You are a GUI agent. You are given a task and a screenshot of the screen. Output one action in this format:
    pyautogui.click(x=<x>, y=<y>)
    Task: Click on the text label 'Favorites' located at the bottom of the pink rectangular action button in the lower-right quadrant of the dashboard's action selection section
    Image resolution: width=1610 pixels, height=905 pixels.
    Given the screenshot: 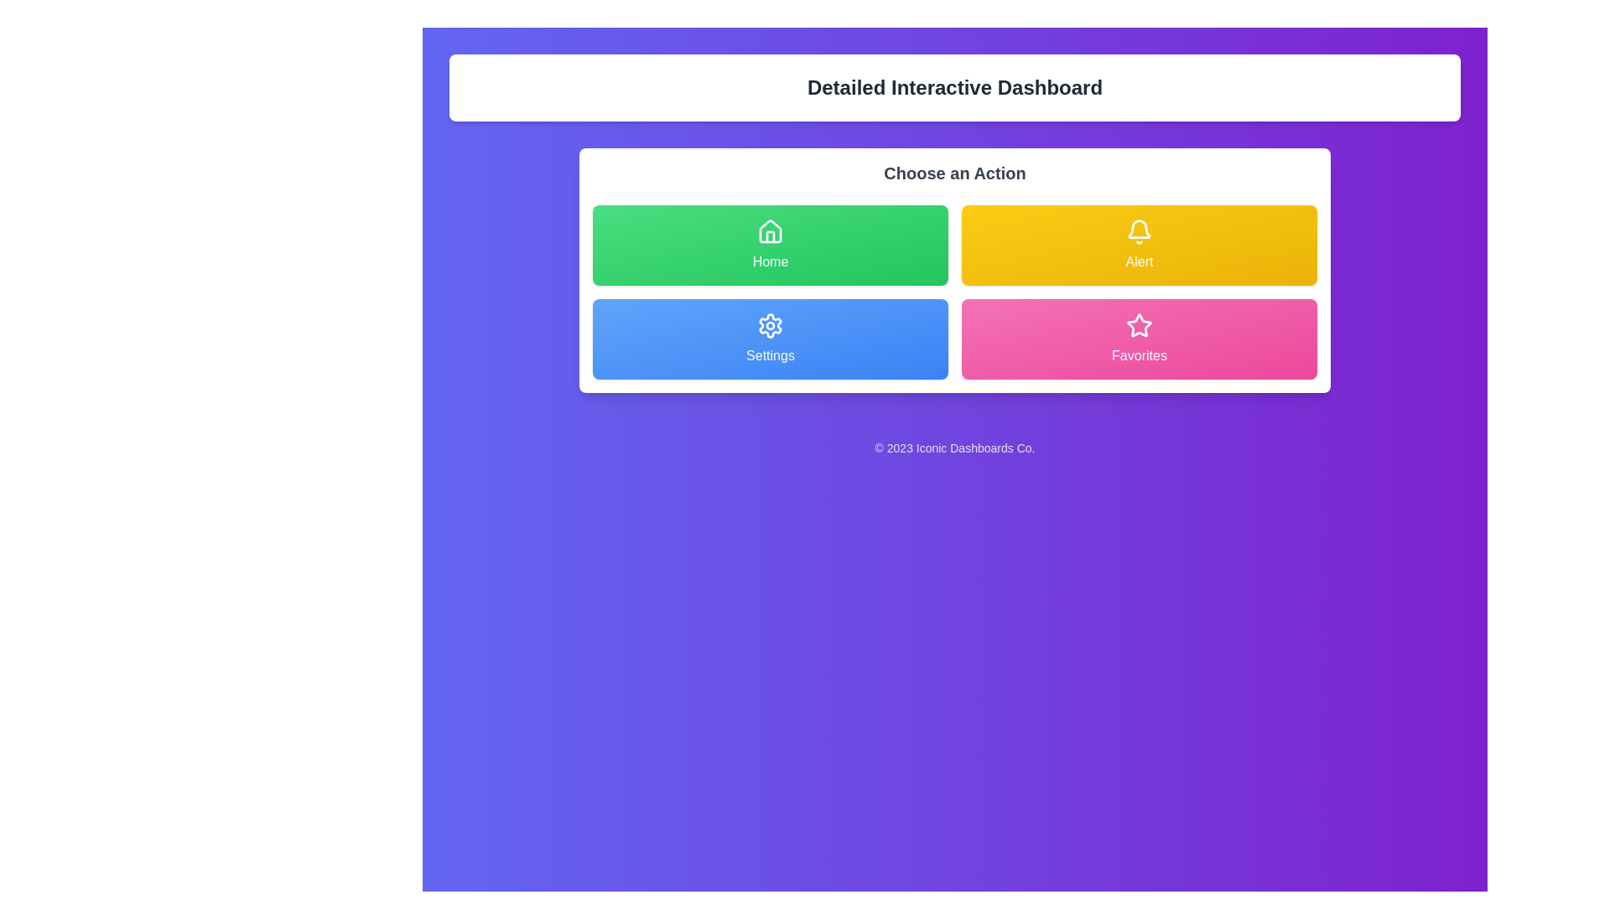 What is the action you would take?
    pyautogui.click(x=1139, y=354)
    